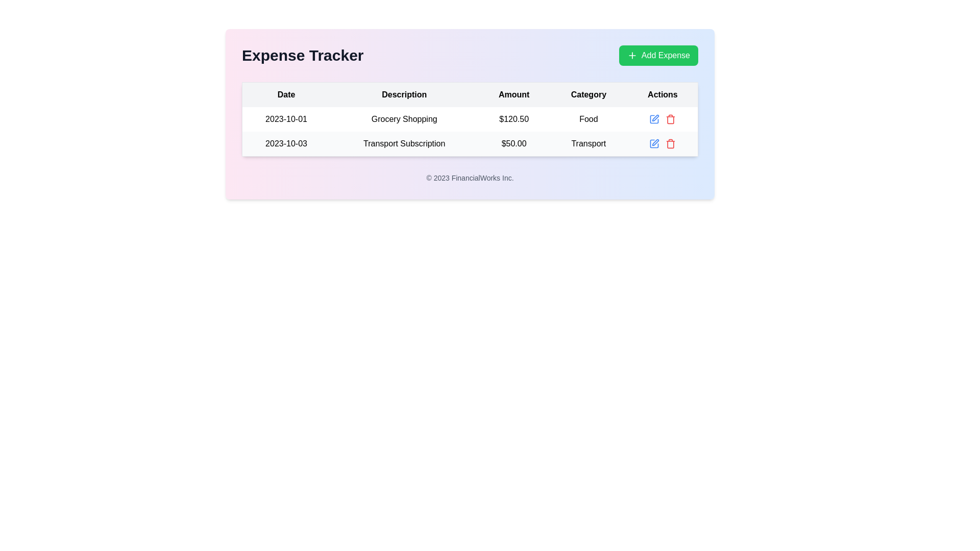 The height and width of the screenshot is (551, 980). Describe the element at coordinates (286, 94) in the screenshot. I see `the 'Date' column header in the data table, which is the first column header and provides context for the entries listed under it` at that location.